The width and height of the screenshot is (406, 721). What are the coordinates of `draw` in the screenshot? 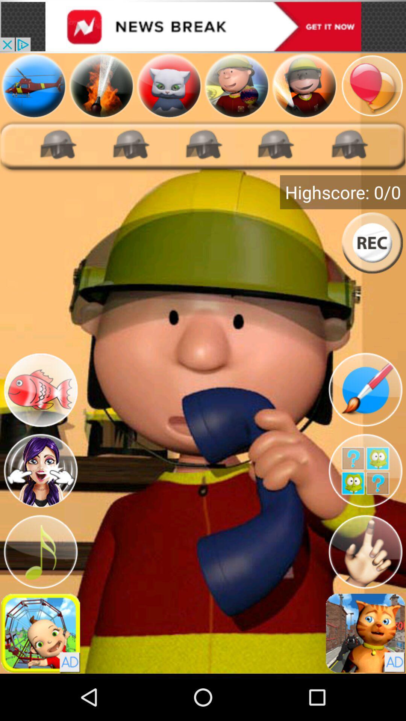 It's located at (365, 389).